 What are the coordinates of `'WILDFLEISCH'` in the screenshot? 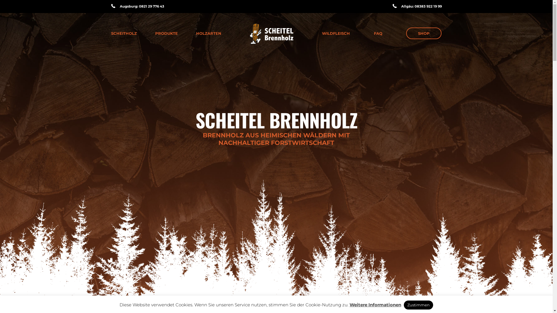 It's located at (336, 33).